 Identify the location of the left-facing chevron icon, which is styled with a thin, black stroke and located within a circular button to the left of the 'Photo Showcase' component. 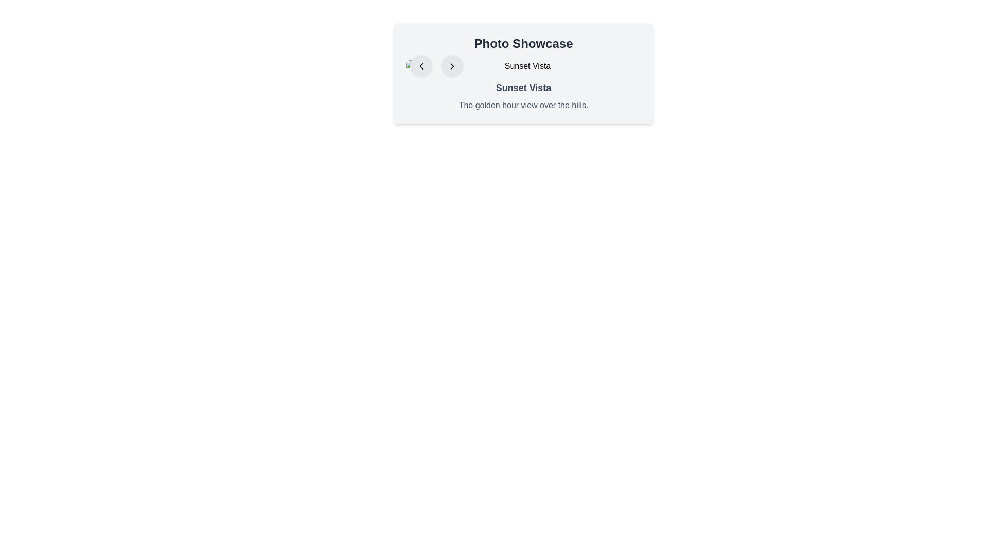
(421, 66).